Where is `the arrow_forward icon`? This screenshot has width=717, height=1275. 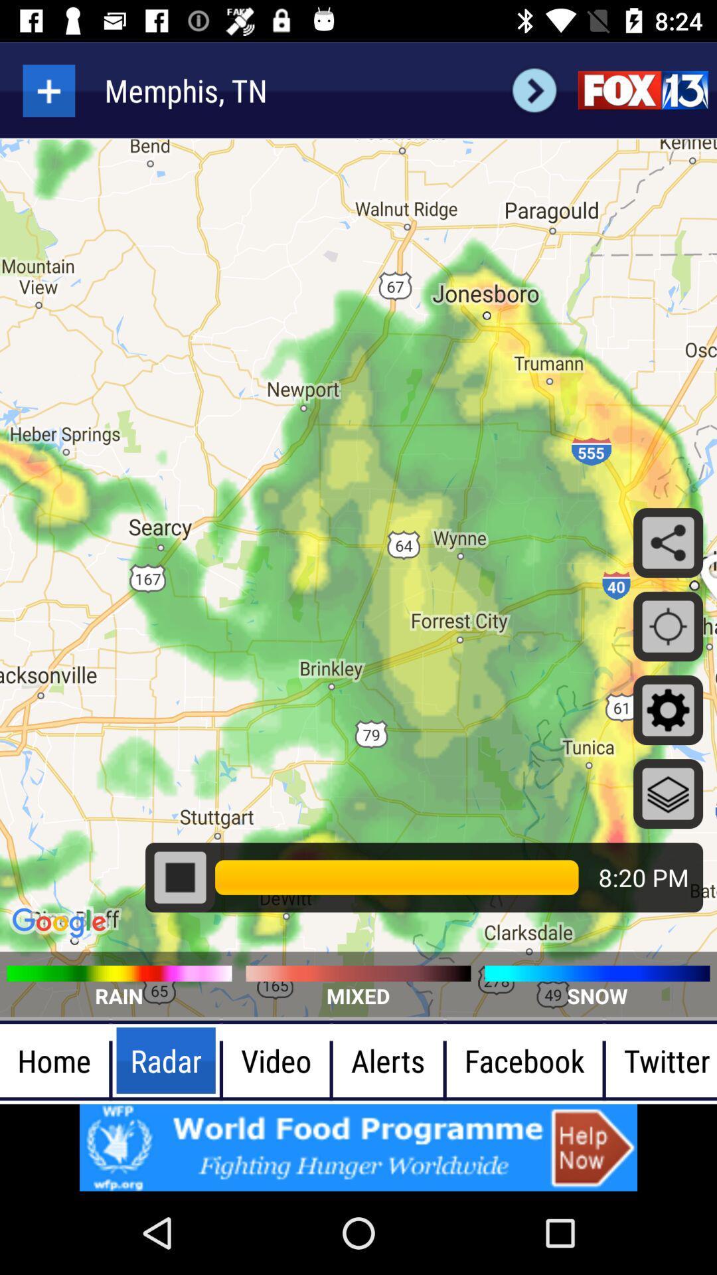
the arrow_forward icon is located at coordinates (534, 90).